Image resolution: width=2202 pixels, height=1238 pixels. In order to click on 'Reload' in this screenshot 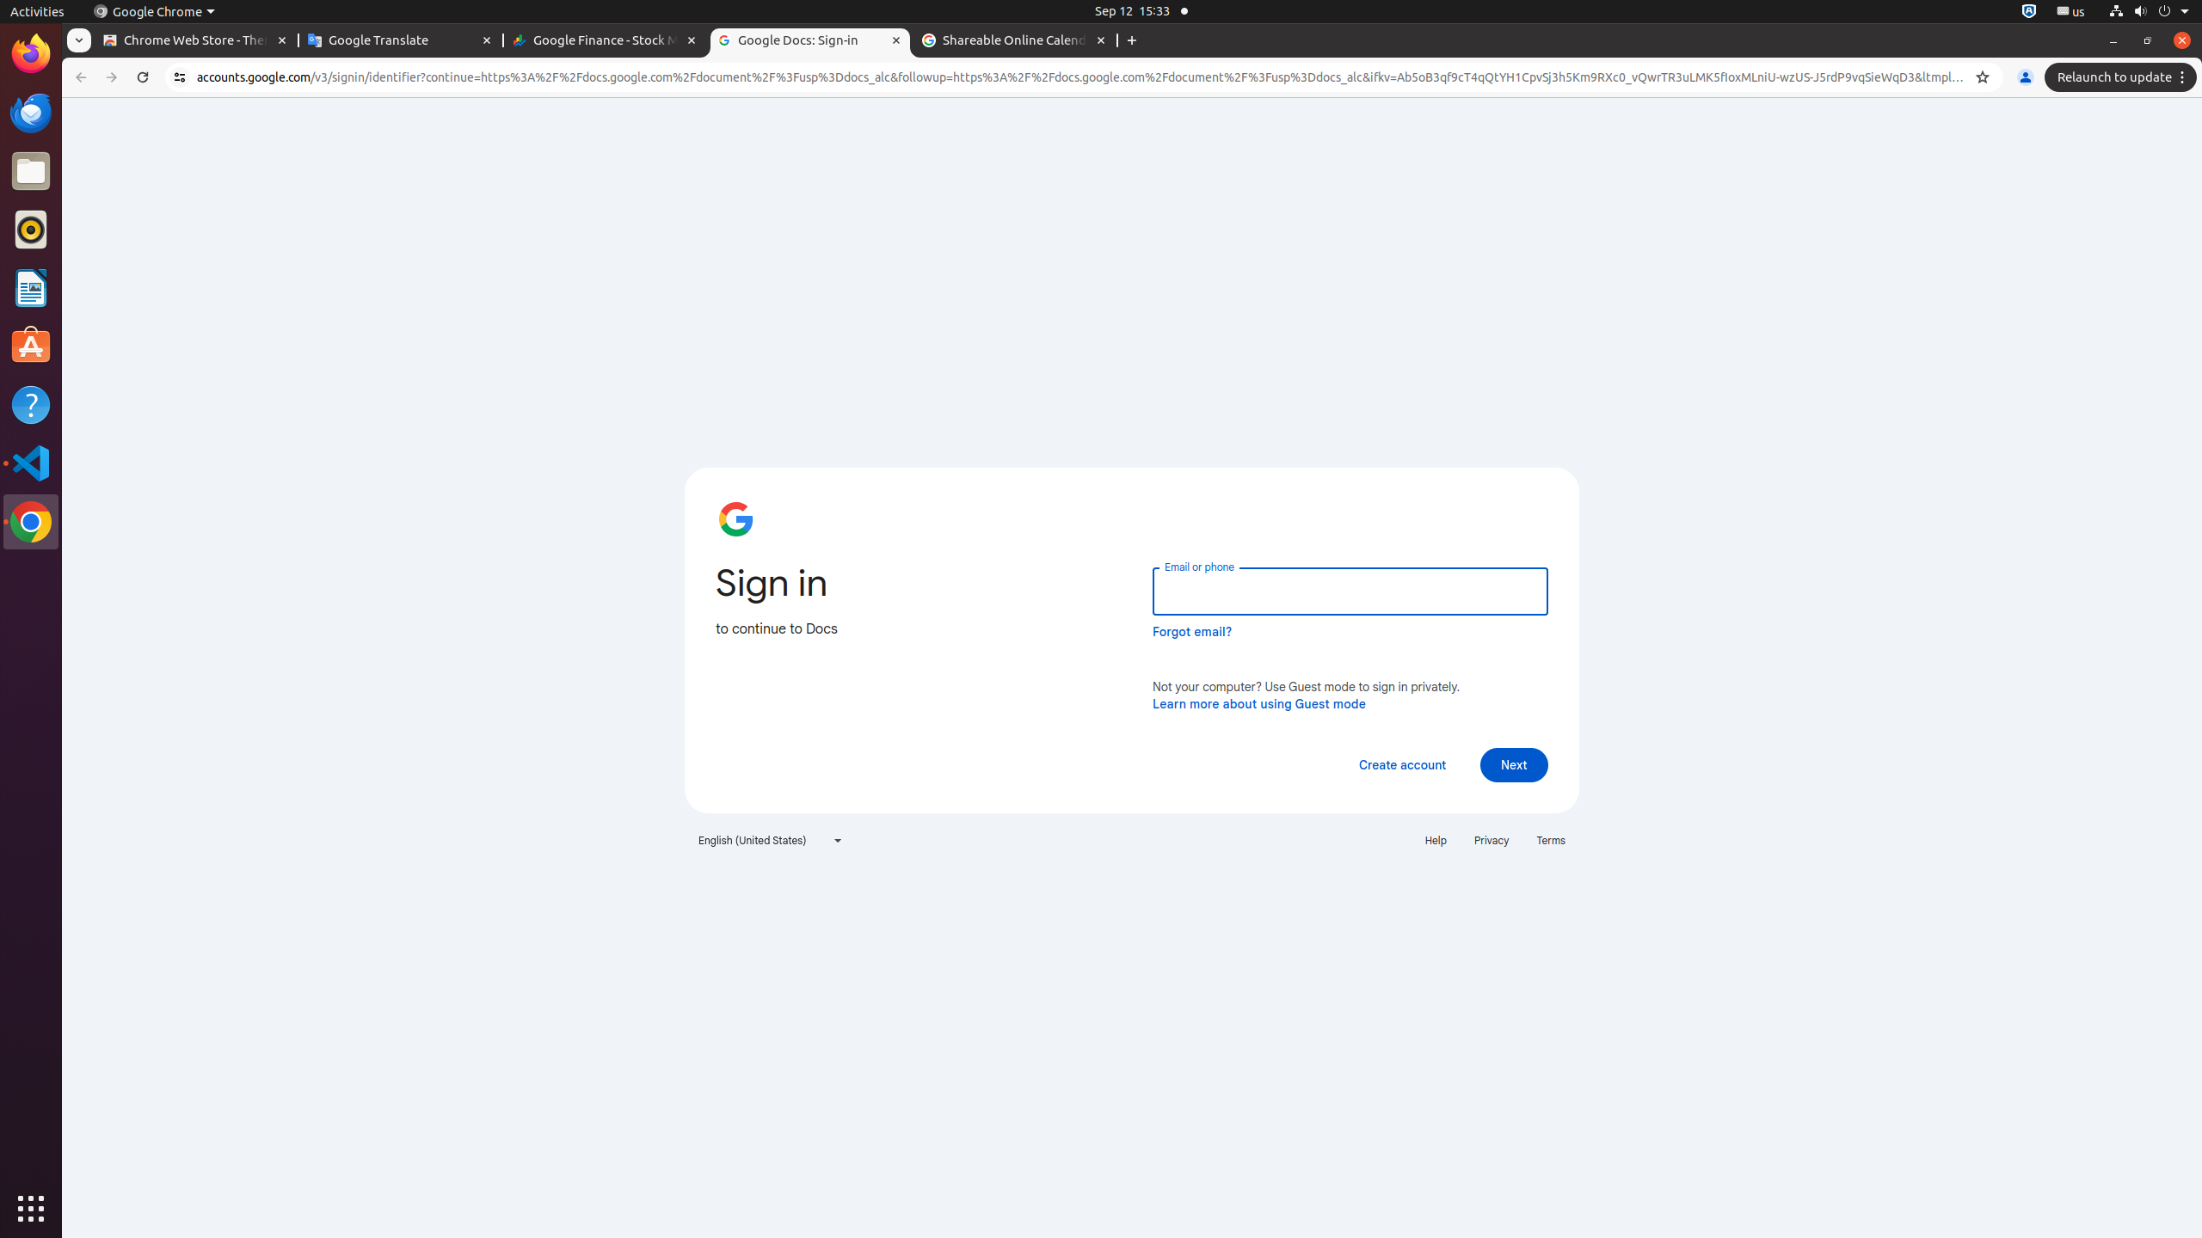, I will do `click(141, 77)`.